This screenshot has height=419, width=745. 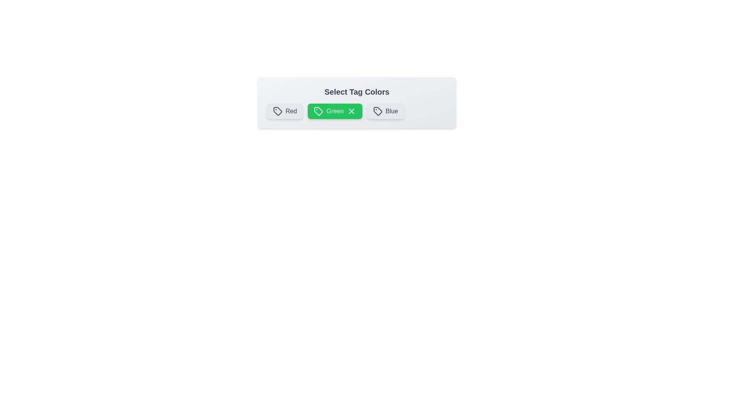 I want to click on the close icon of the 'Green' tag to deselect it, so click(x=351, y=111).